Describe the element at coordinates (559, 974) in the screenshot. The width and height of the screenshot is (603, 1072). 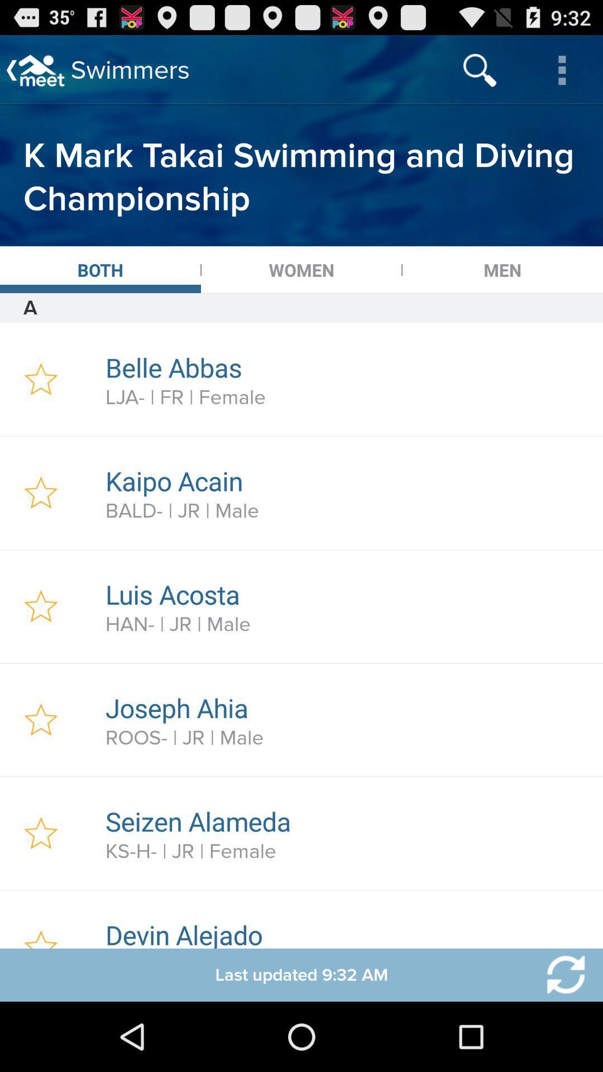
I see `item at the bottom right corner` at that location.